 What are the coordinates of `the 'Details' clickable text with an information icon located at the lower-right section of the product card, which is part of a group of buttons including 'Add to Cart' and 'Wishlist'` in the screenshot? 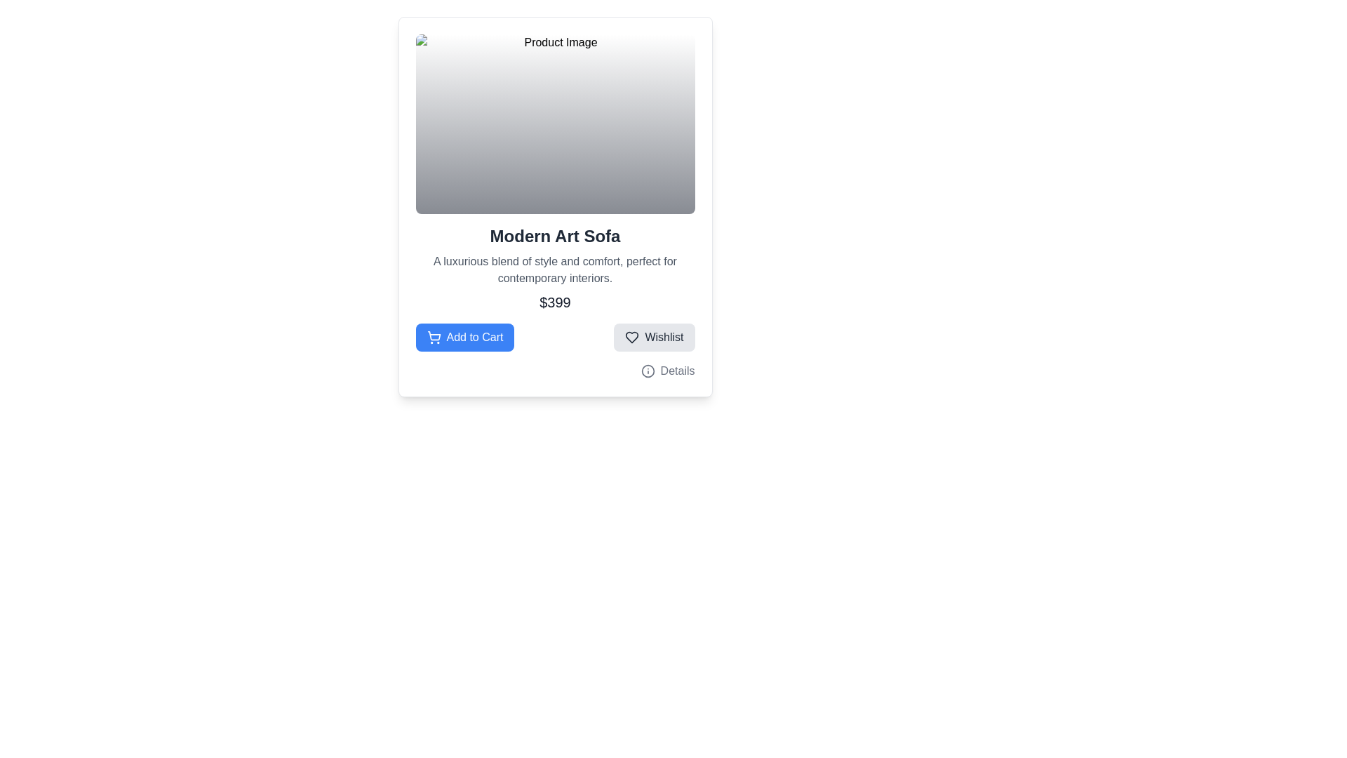 It's located at (667, 370).